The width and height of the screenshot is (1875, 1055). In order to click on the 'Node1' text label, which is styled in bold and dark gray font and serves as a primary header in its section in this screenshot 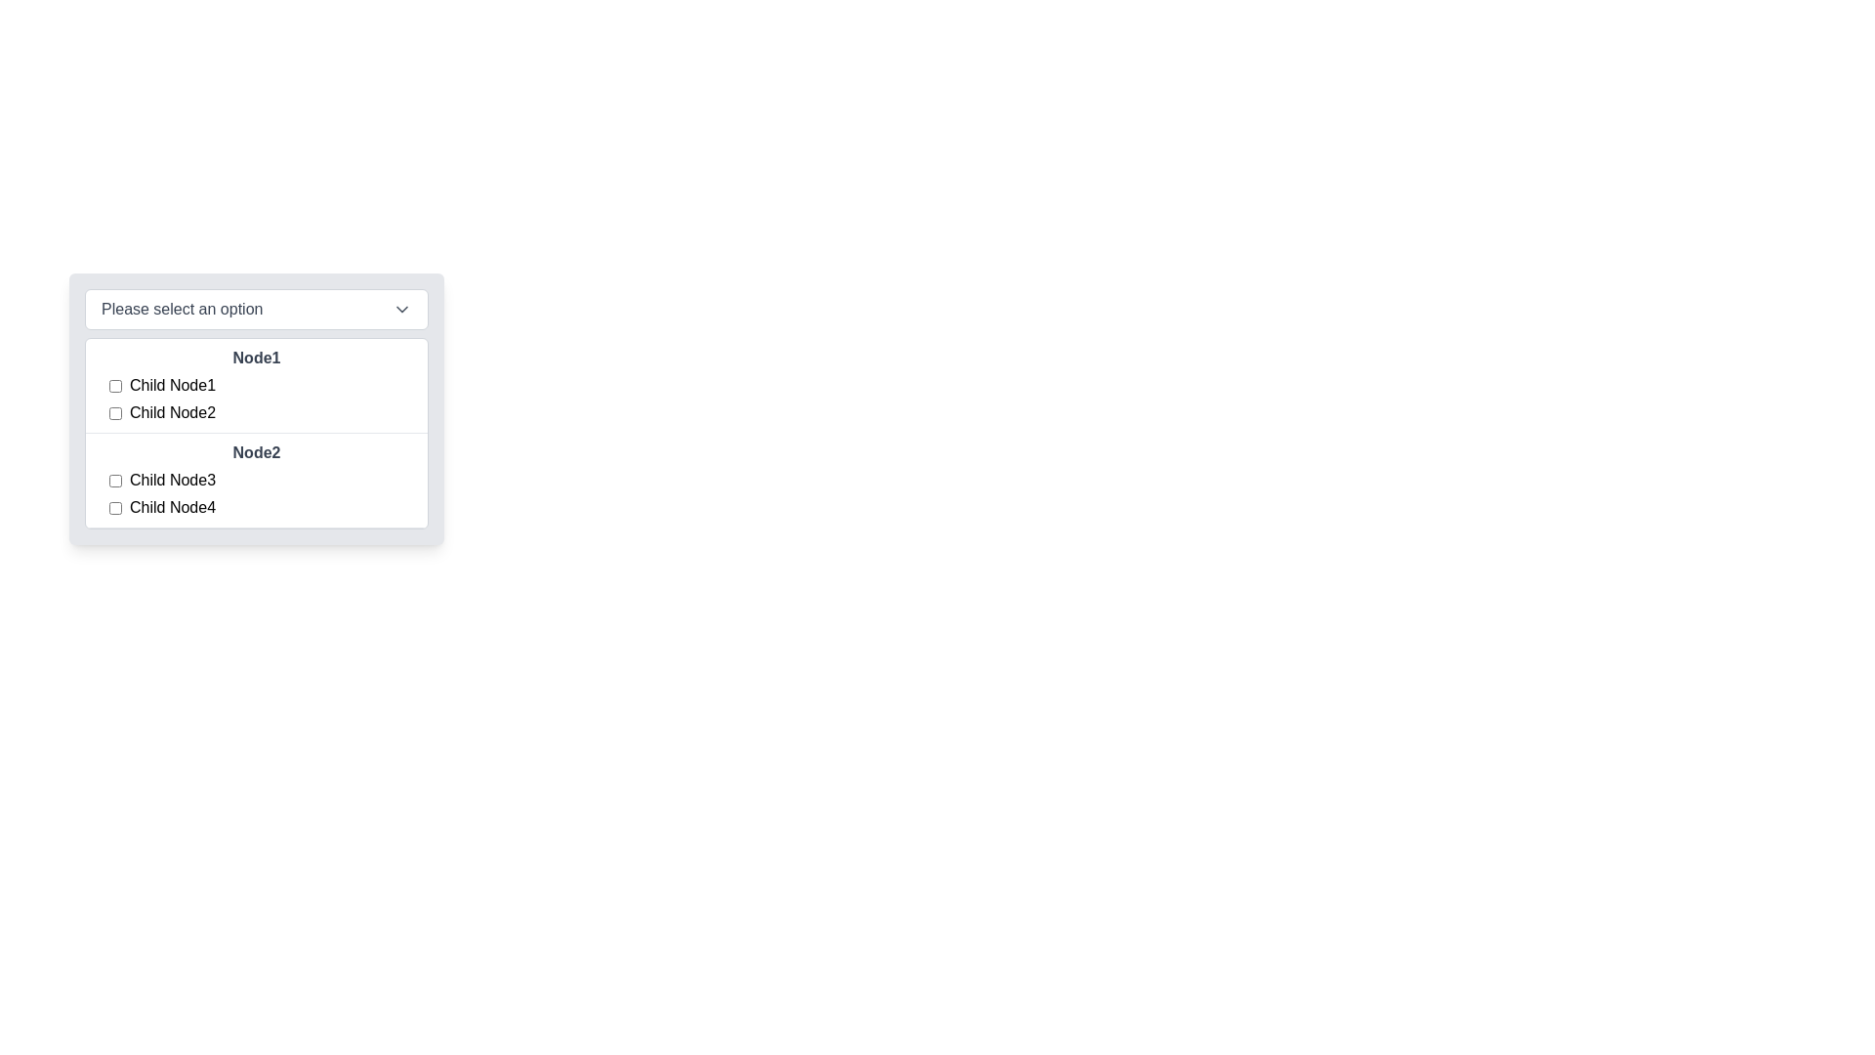, I will do `click(256, 358)`.